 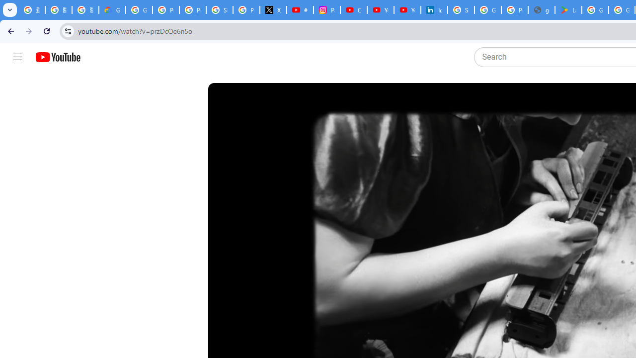 I want to click on 'Guide', so click(x=17, y=57).